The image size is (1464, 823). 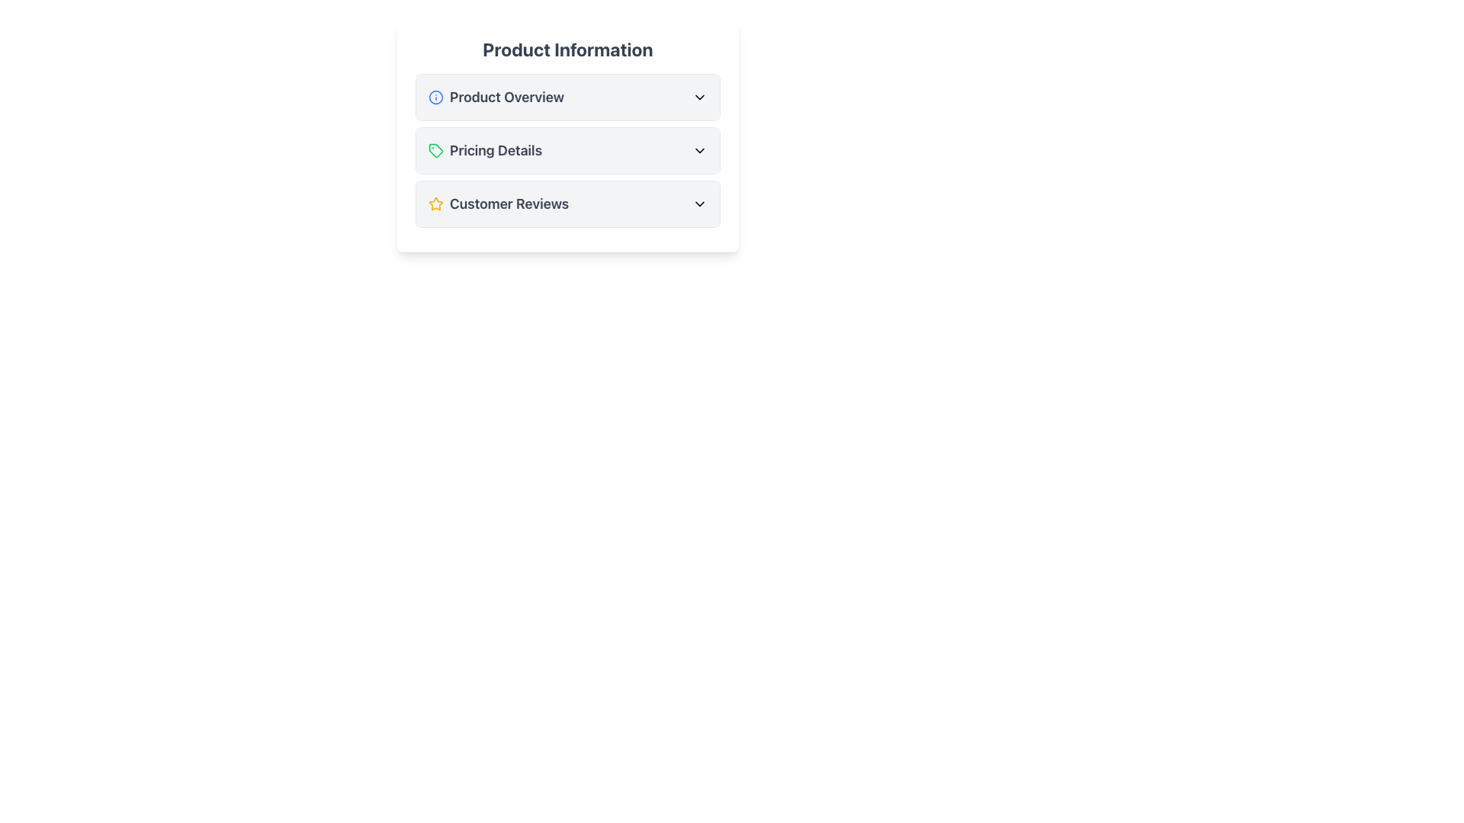 What do you see at coordinates (567, 49) in the screenshot?
I see `the Text Header element, which serves as the title for the section, providing context about the content below it` at bounding box center [567, 49].